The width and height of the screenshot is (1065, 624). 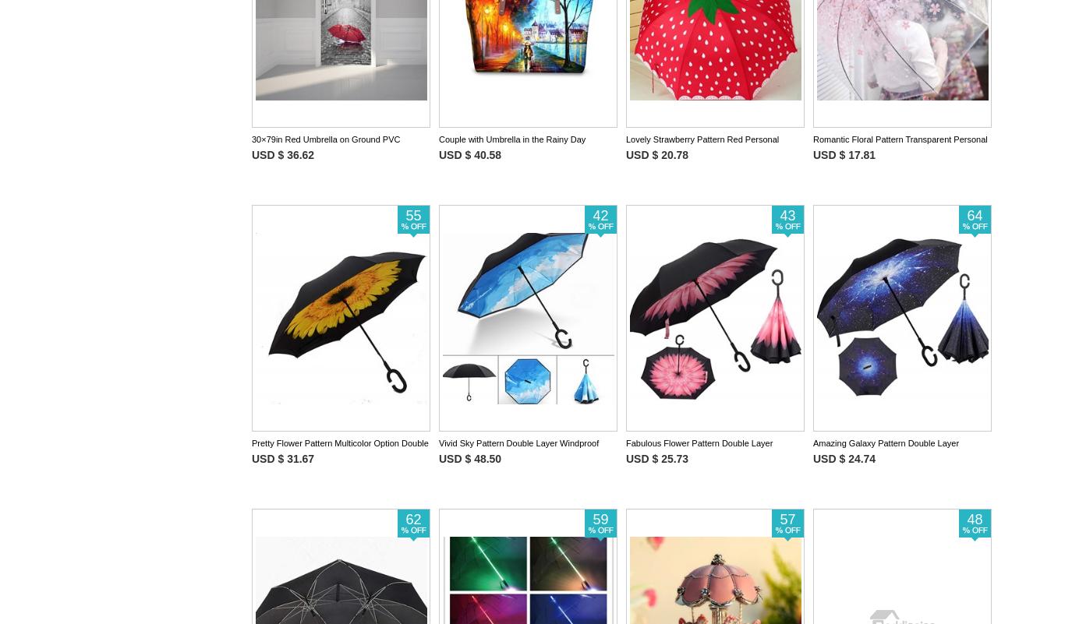 What do you see at coordinates (518, 449) in the screenshot?
I see `'Vivid Sky Pattern Double Layer Windproof Reverse Umbrella'` at bounding box center [518, 449].